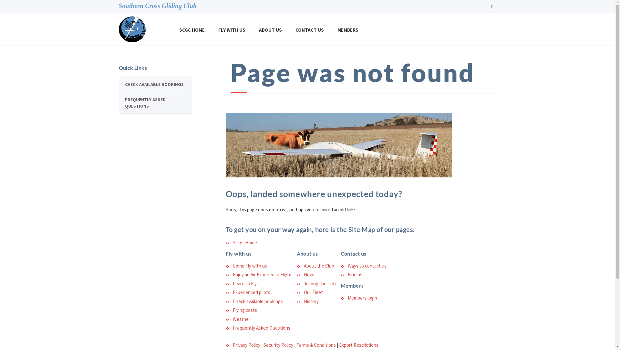  I want to click on 'Export Restrictions', so click(358, 344).